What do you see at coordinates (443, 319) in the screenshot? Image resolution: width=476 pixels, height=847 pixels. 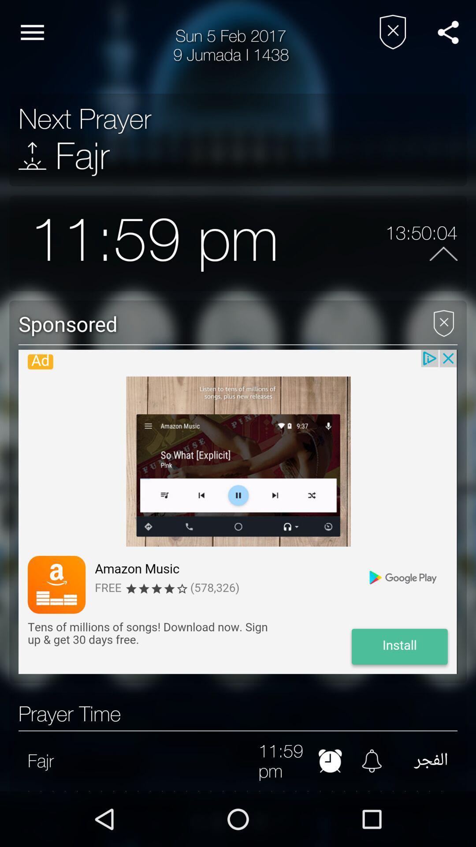 I see `option` at bounding box center [443, 319].